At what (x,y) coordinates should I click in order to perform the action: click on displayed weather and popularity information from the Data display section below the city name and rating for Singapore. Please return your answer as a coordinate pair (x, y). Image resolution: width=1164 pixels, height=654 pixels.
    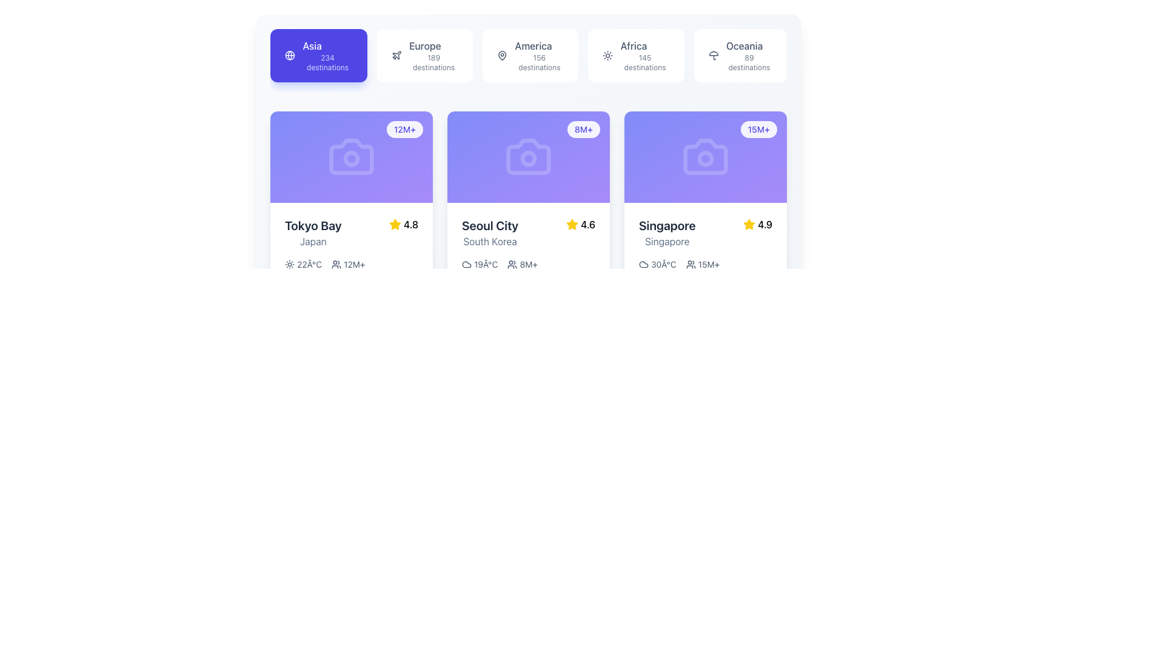
    Looking at the image, I should click on (705, 263).